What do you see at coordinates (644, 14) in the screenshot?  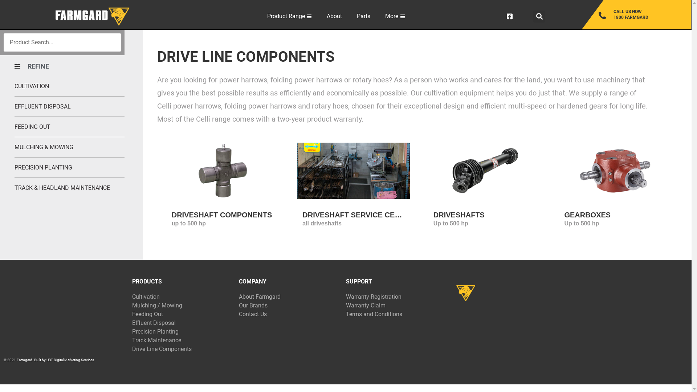 I see `'CALL US NOW` at bounding box center [644, 14].